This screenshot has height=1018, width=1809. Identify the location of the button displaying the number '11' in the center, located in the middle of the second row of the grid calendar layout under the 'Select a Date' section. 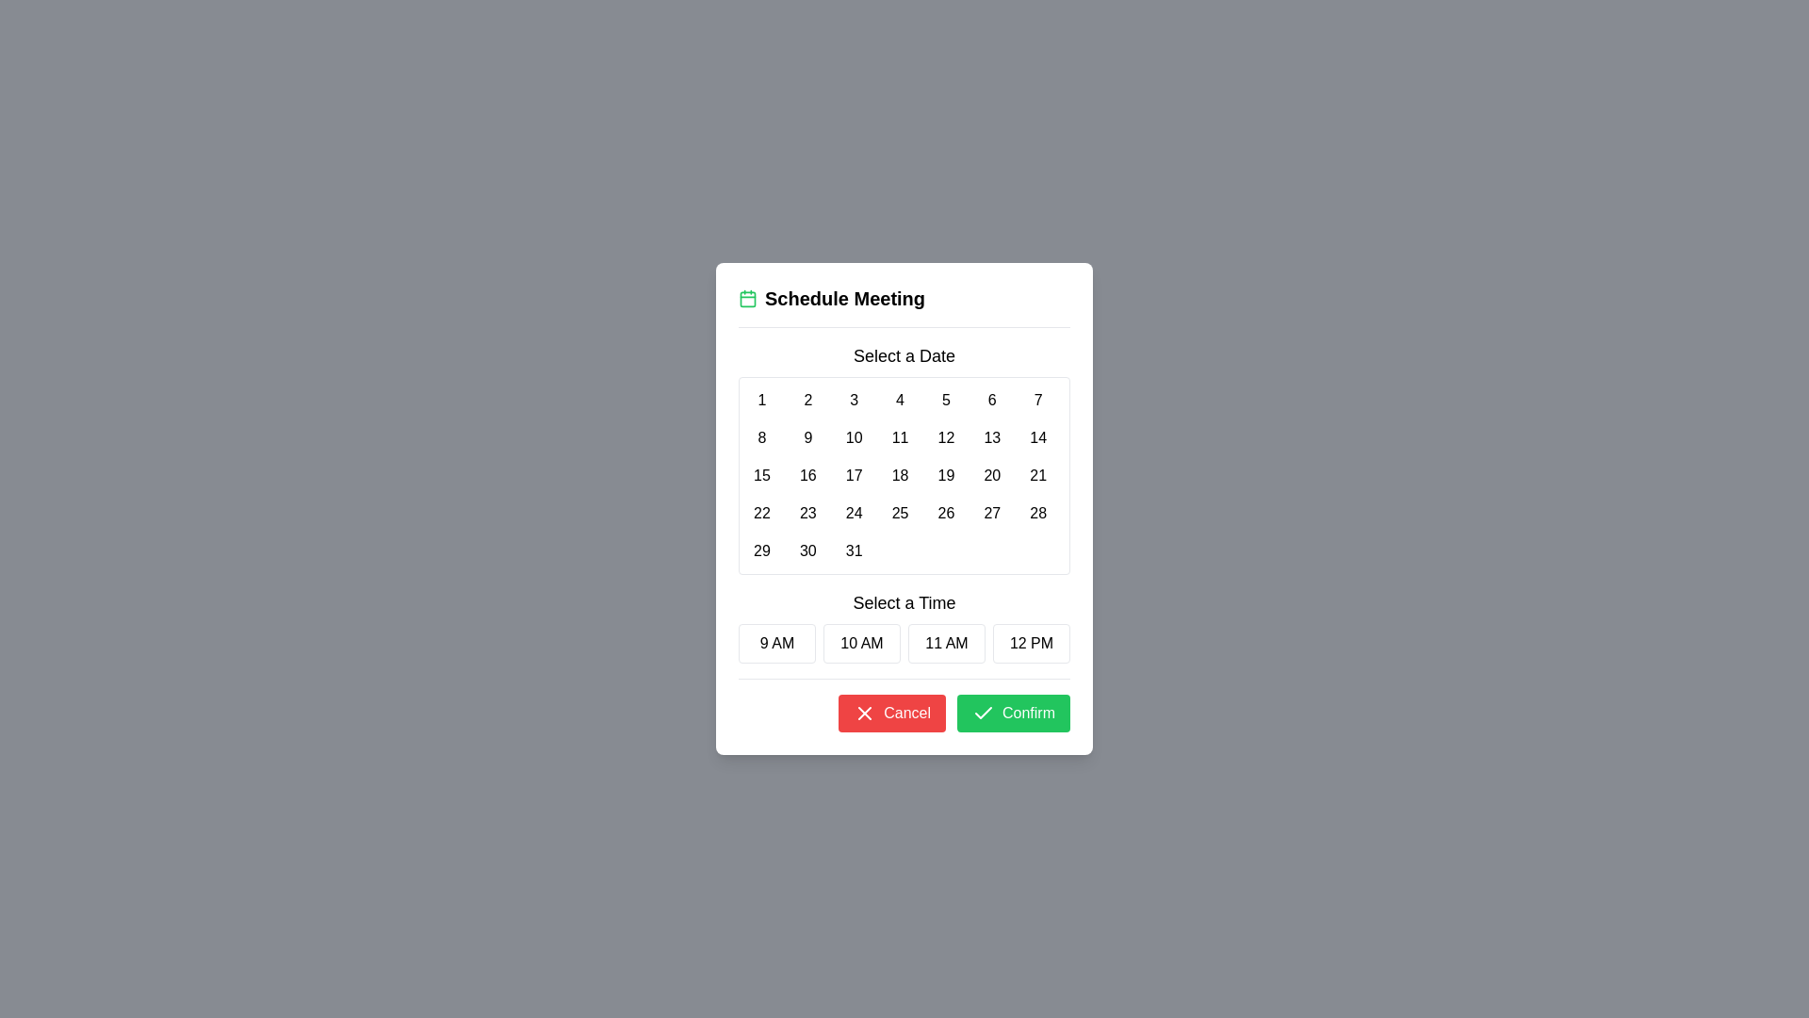
(899, 438).